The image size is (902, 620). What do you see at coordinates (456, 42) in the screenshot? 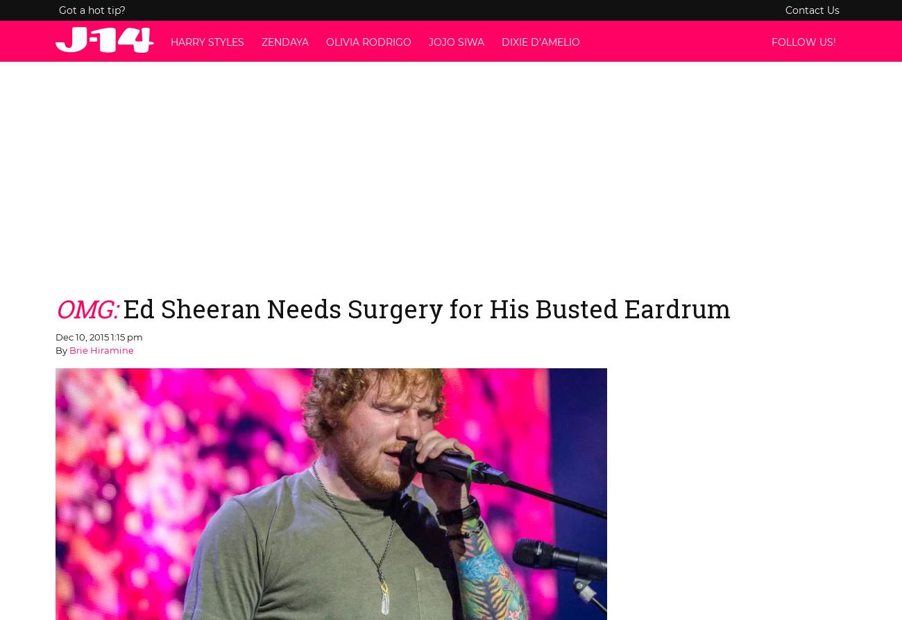
I see `'JoJo Siwa'` at bounding box center [456, 42].